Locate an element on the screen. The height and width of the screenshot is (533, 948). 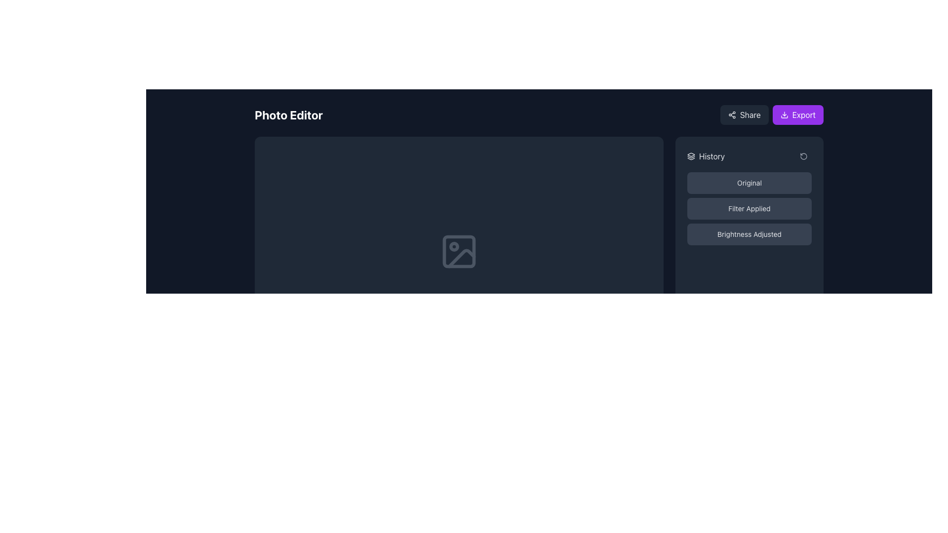
the SVG graphic image icon that is centered within the 'Change Image' box is located at coordinates (459, 251).